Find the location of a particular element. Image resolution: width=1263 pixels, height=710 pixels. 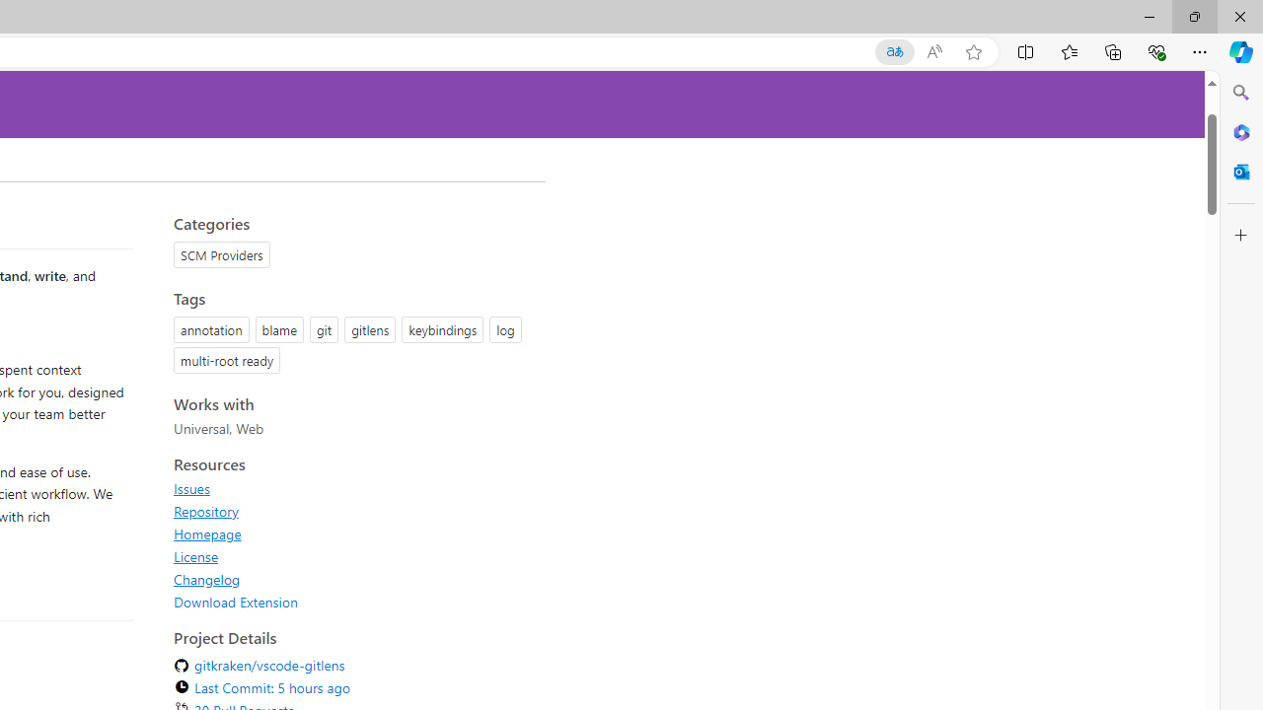

'Customize' is located at coordinates (1240, 235).